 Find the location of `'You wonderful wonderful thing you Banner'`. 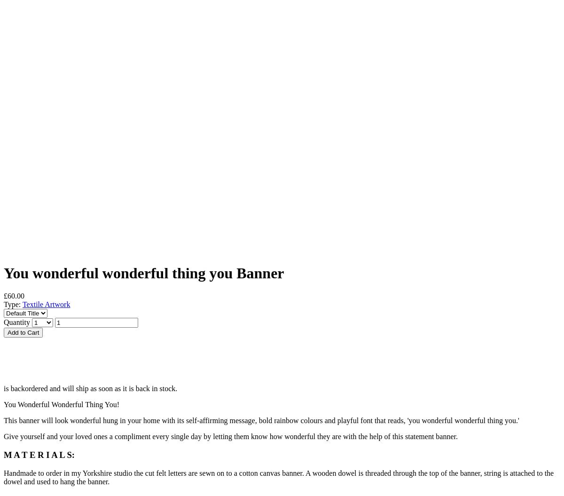

'You wonderful wonderful thing you Banner' is located at coordinates (144, 272).